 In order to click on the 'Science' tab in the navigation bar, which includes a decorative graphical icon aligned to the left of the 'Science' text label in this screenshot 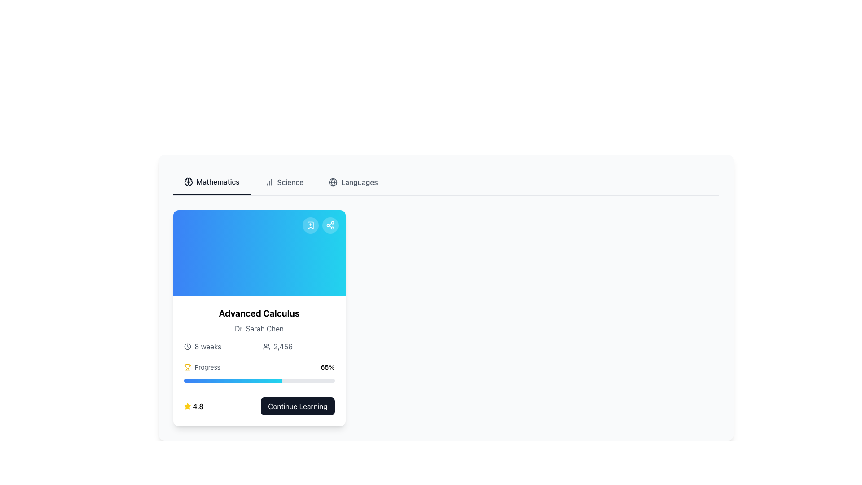, I will do `click(268, 182)`.